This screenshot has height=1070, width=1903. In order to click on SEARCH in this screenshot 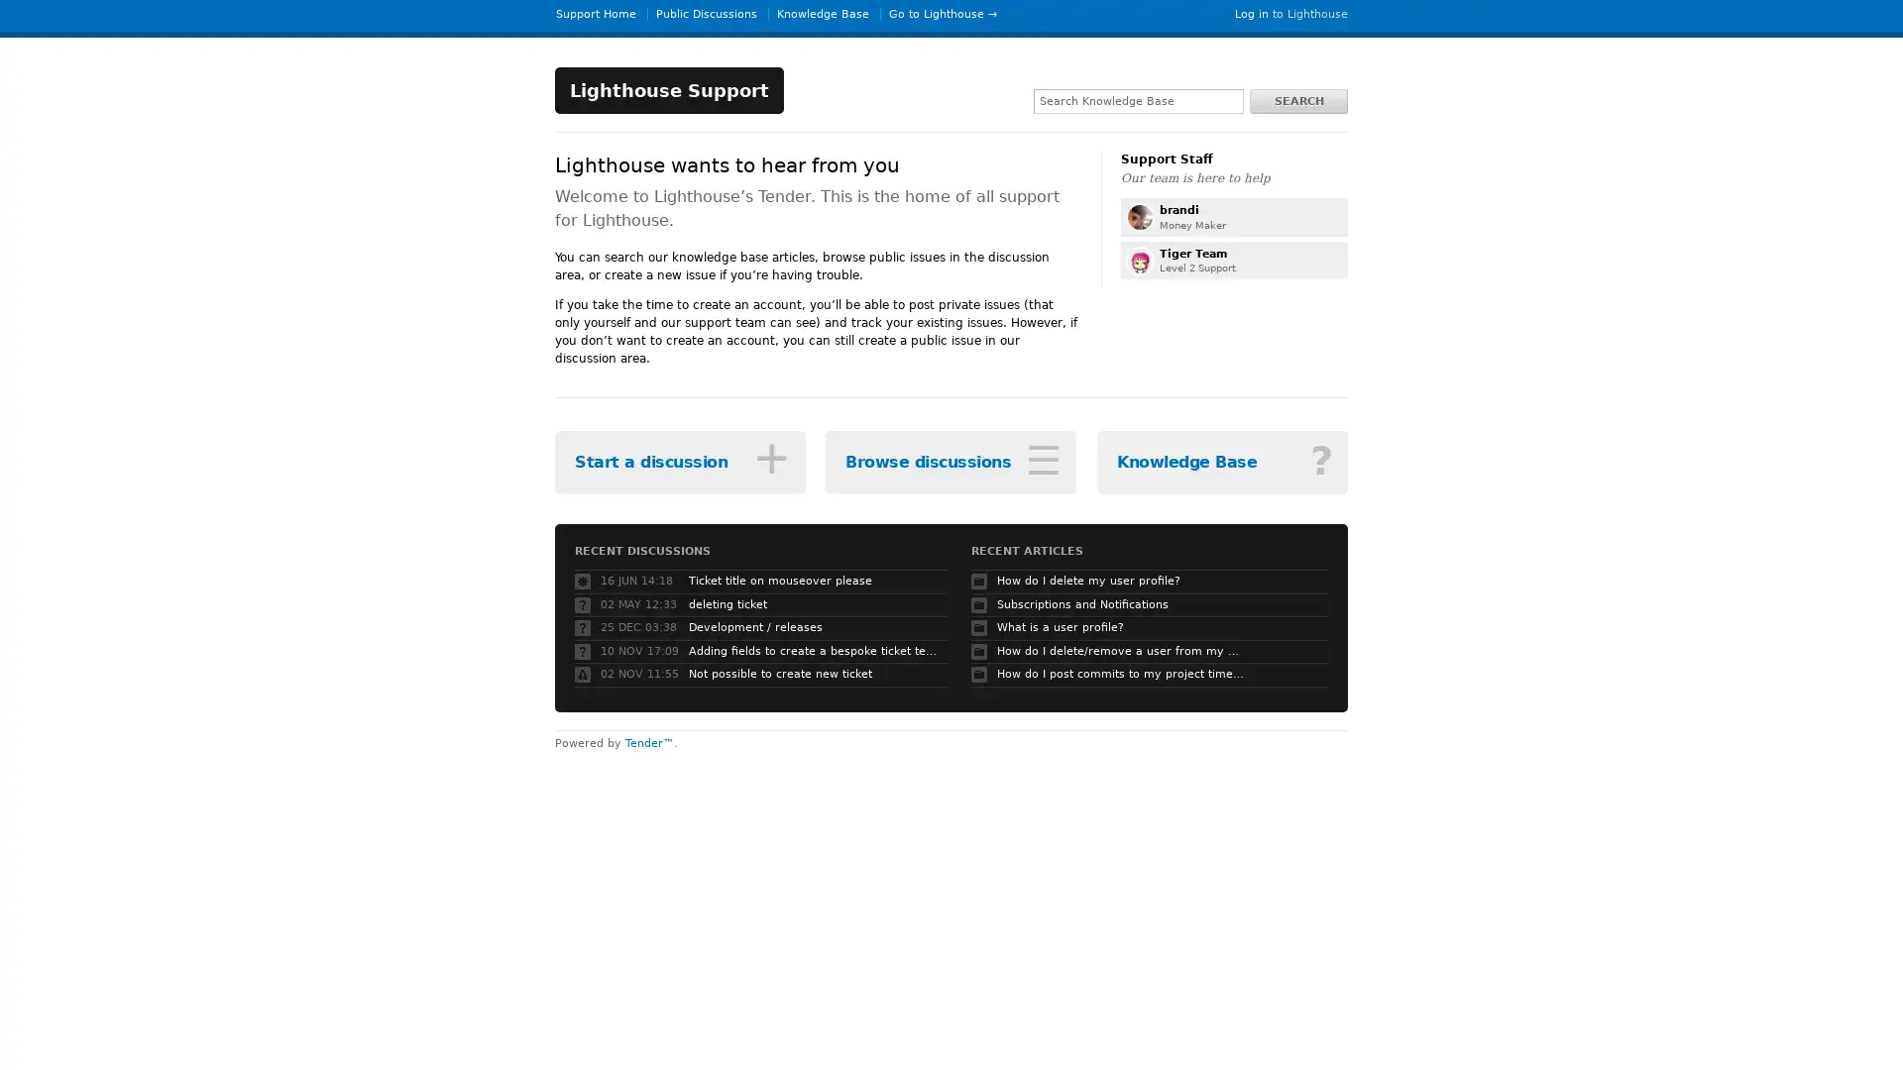, I will do `click(1298, 100)`.